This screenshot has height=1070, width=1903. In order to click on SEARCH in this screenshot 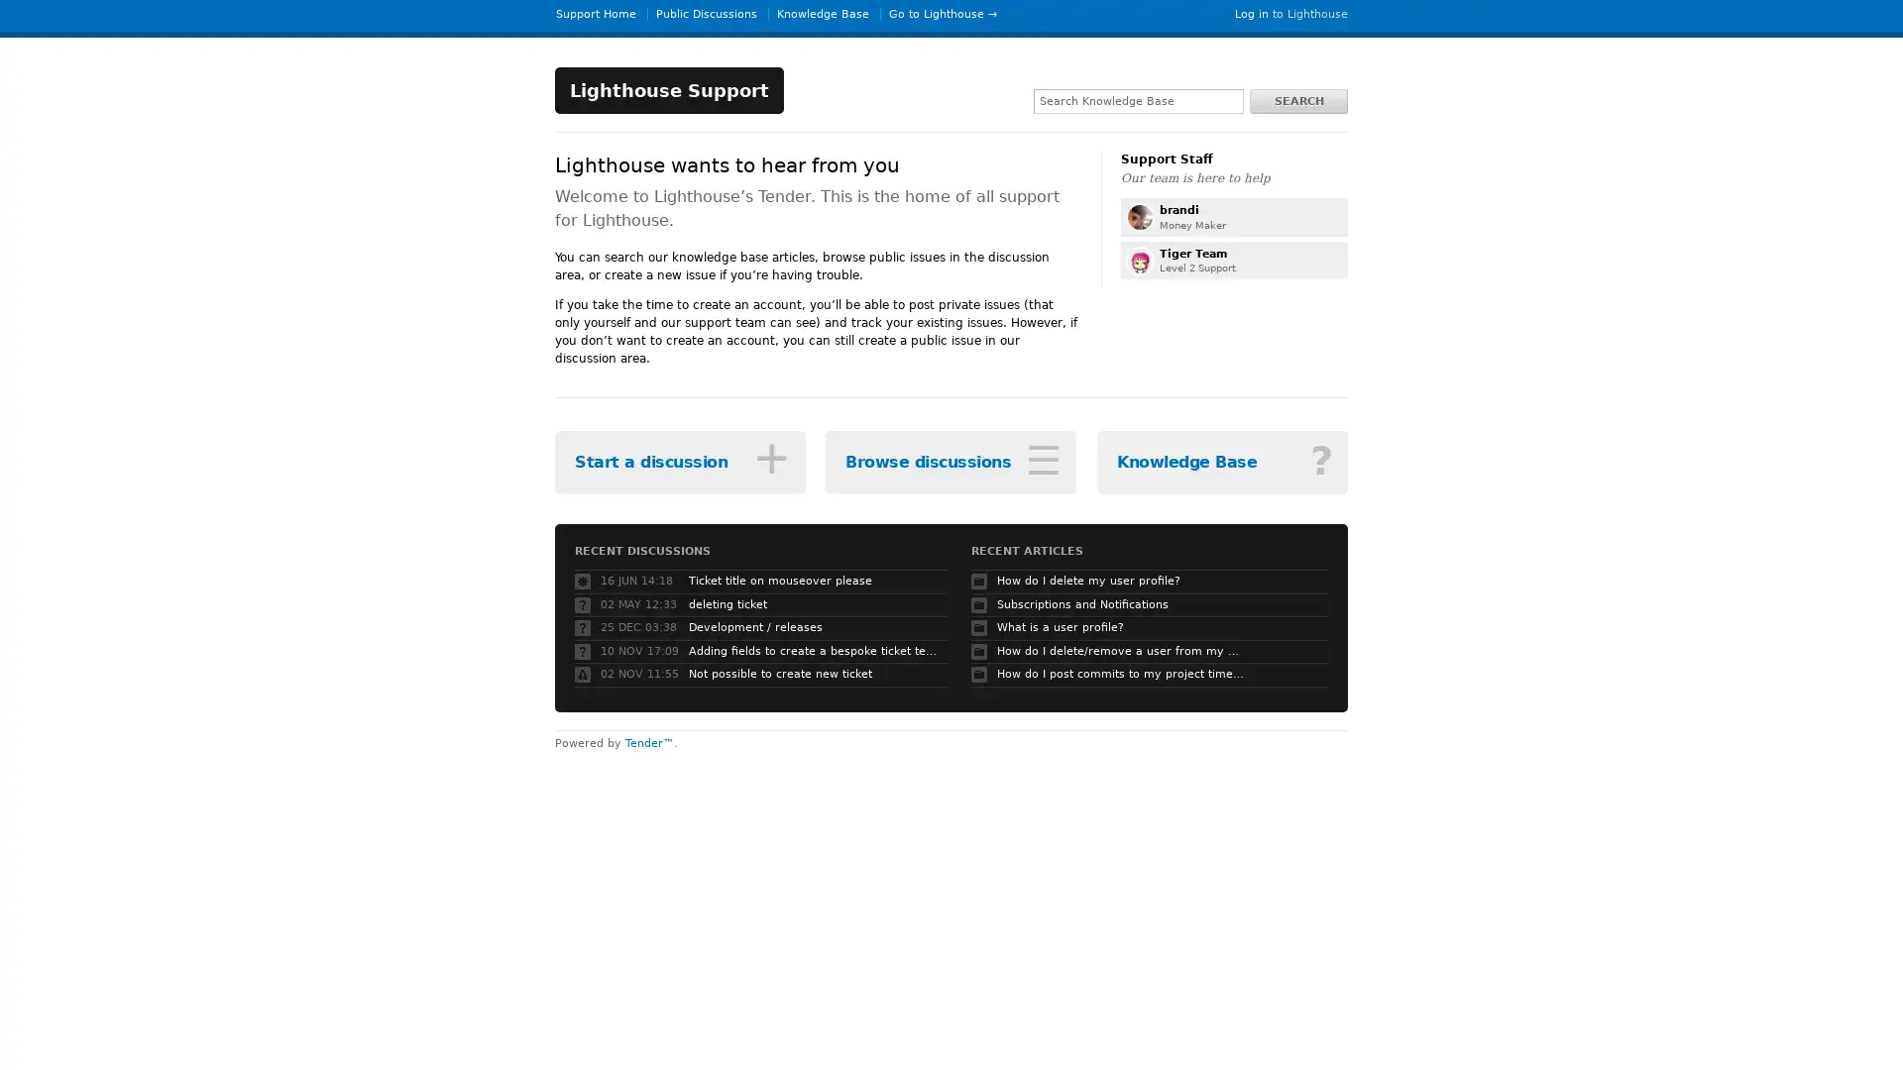, I will do `click(1298, 100)`.